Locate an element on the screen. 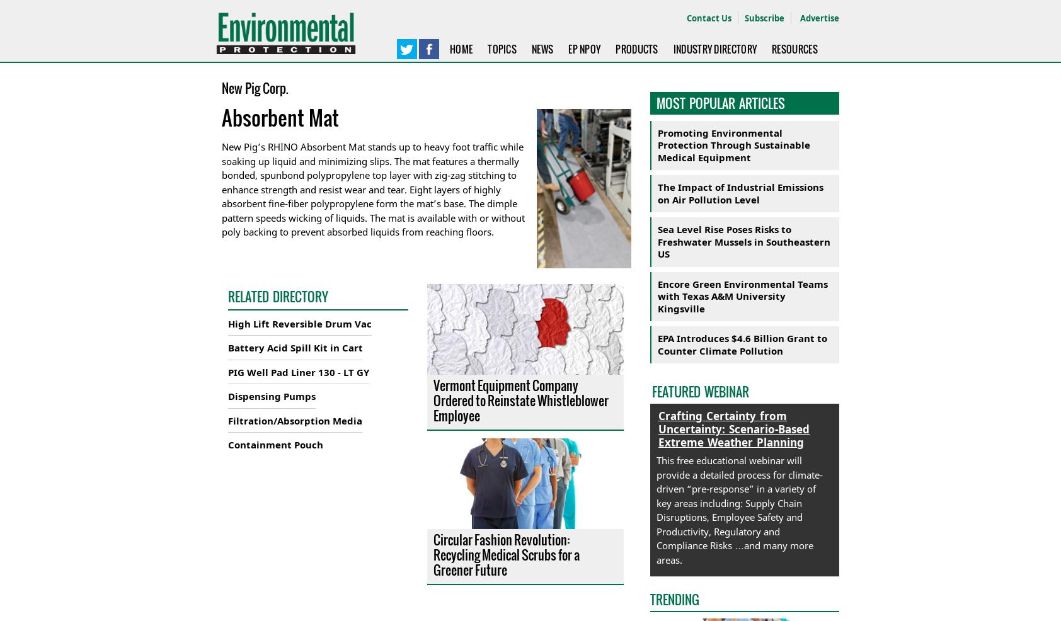 Image resolution: width=1061 pixels, height=621 pixels. 'Featured Webinar' is located at coordinates (700, 391).